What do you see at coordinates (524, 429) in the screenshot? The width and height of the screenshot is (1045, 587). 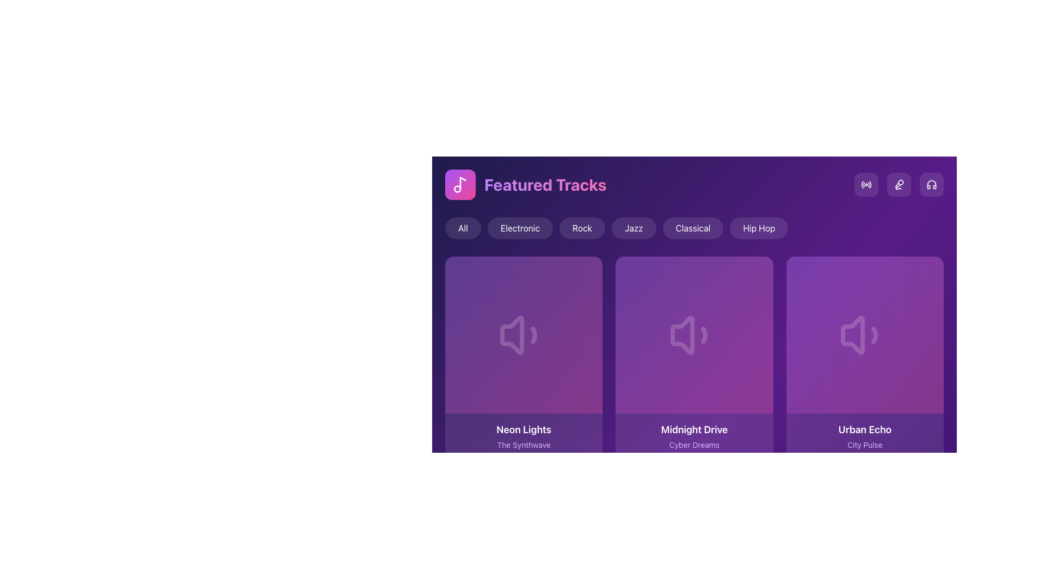 I see `the 'Neon Lights' text label which is styled in a large, bold, white font on a purple background, positioned prominently as the main title of the content card` at bounding box center [524, 429].